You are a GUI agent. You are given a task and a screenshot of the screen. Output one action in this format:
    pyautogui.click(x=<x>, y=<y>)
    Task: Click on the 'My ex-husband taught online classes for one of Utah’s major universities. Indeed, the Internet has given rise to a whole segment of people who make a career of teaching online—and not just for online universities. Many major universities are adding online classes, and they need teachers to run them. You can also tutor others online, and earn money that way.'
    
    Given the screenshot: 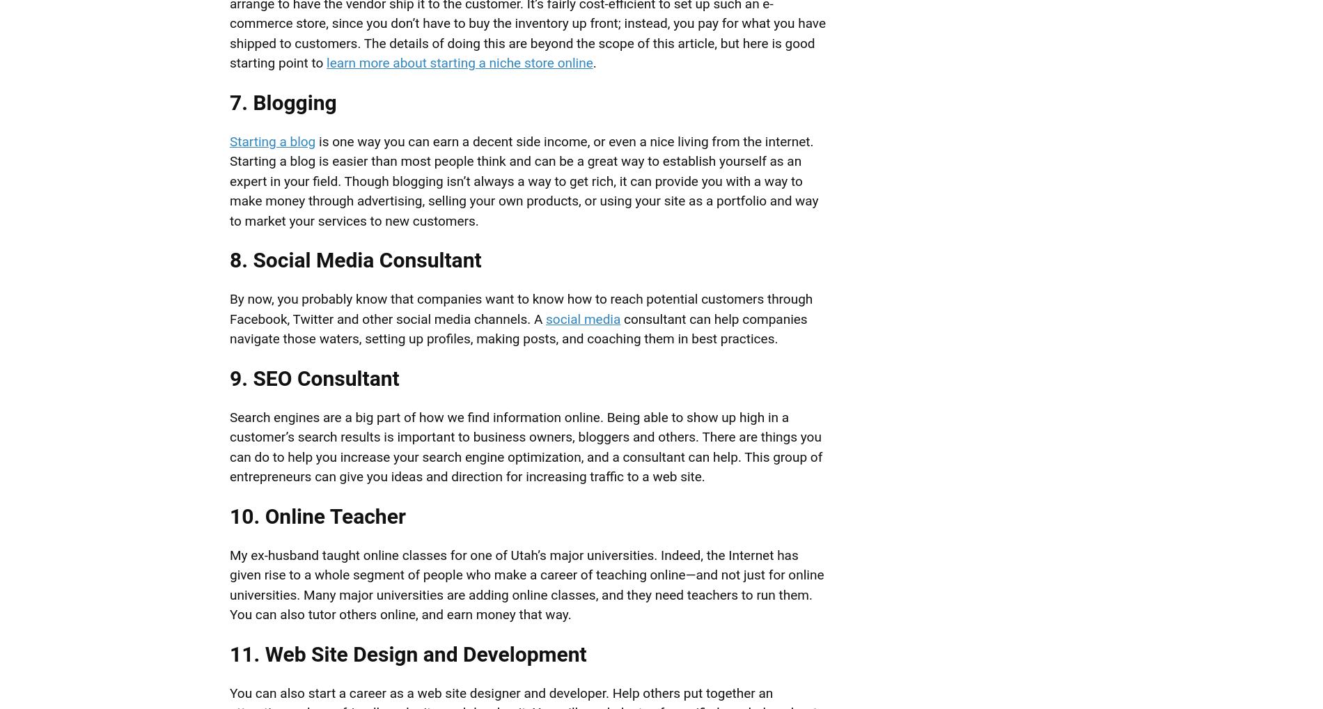 What is the action you would take?
    pyautogui.click(x=526, y=584)
    